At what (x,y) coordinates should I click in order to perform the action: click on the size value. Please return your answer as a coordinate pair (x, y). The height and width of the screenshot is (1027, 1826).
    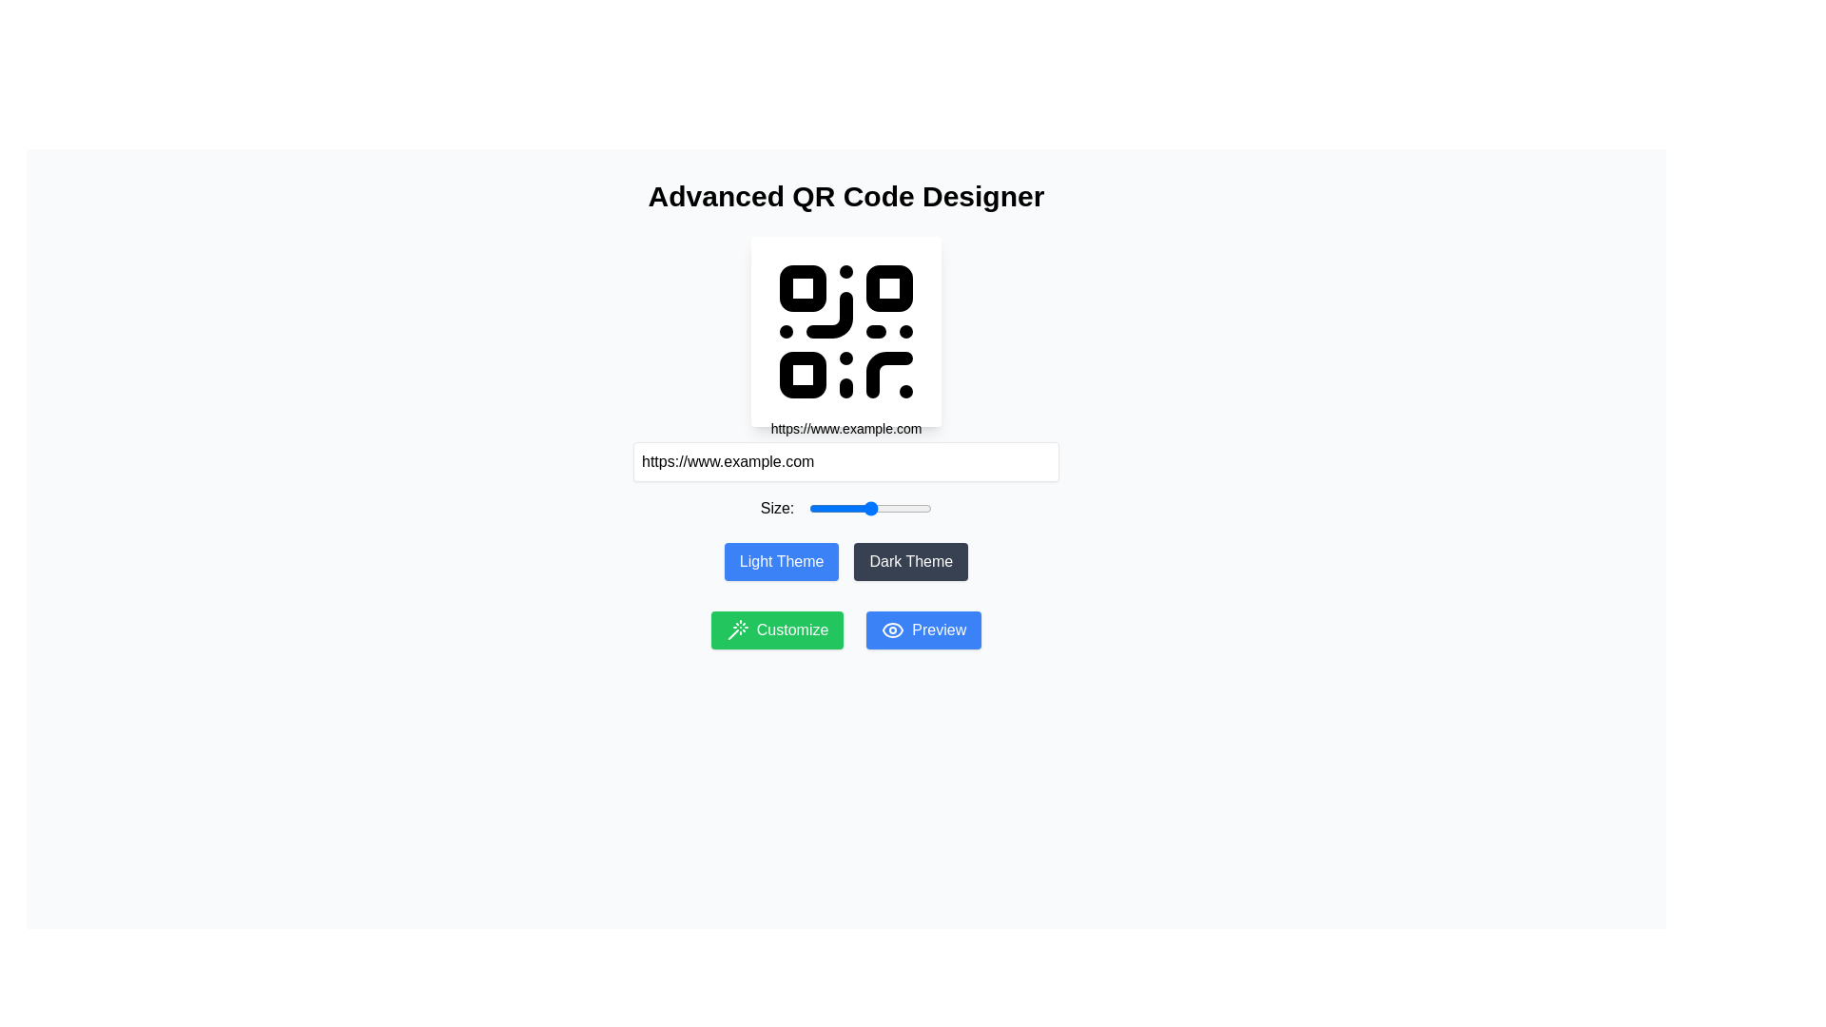
    Looking at the image, I should click on (868, 508).